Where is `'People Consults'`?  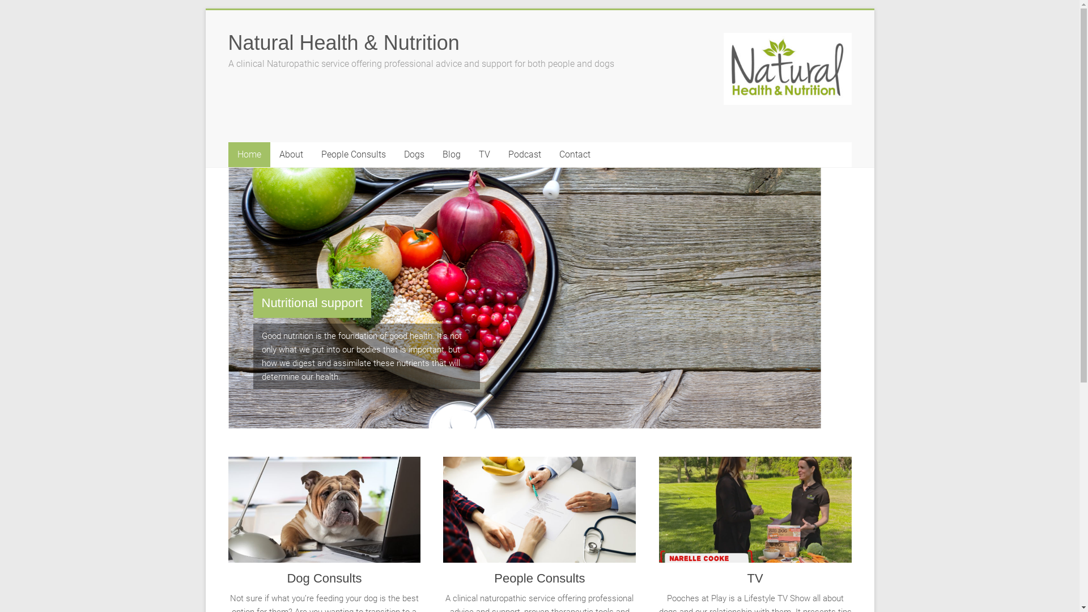
'People Consults' is located at coordinates (538, 578).